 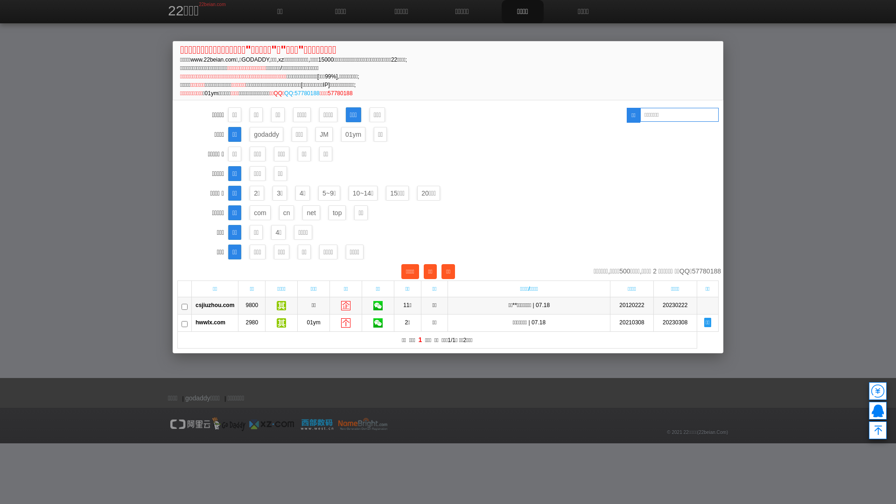 I want to click on 'com', so click(x=259, y=212).